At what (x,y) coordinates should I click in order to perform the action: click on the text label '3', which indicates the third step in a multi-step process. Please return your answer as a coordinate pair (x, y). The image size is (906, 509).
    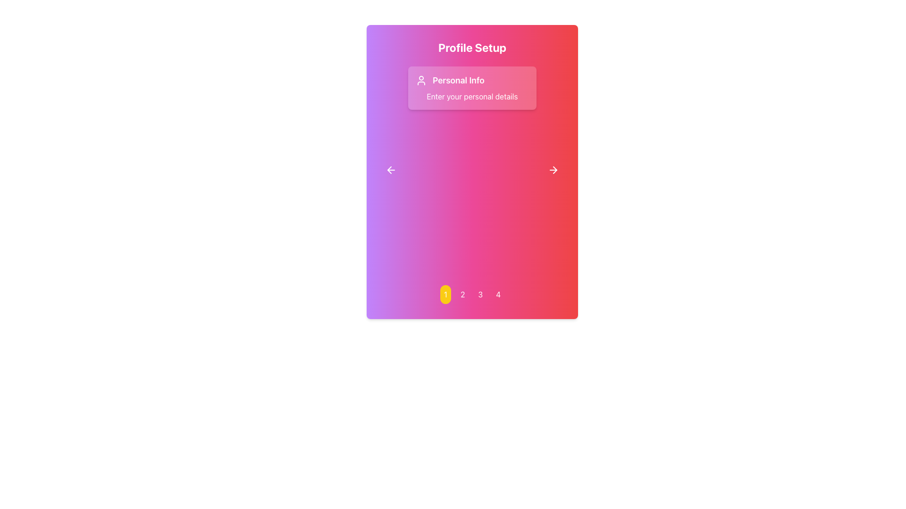
    Looking at the image, I should click on (480, 294).